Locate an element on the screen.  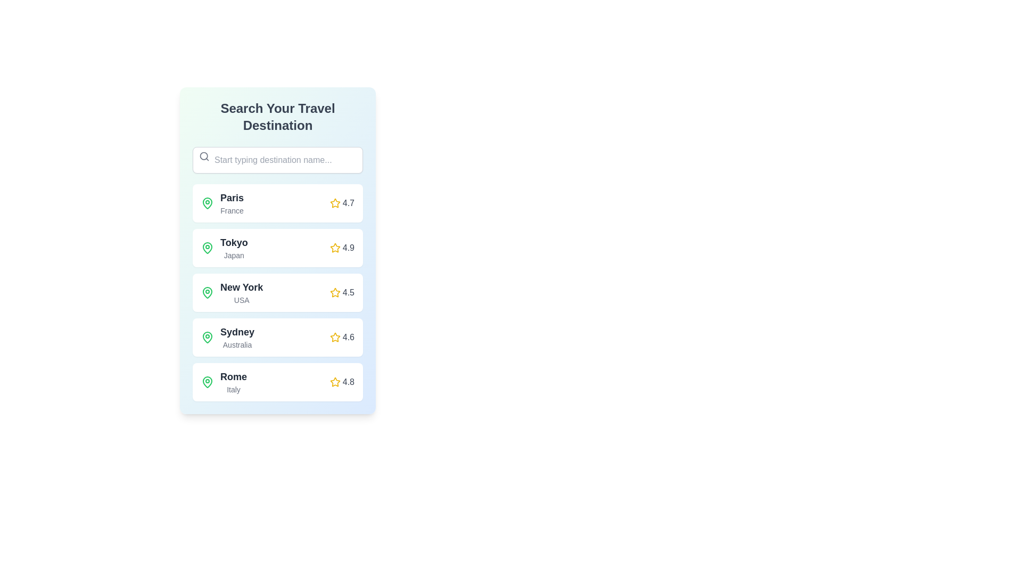
the text label indicating the country associated with the city 'Sydney' in the travel destination list is located at coordinates (237, 345).